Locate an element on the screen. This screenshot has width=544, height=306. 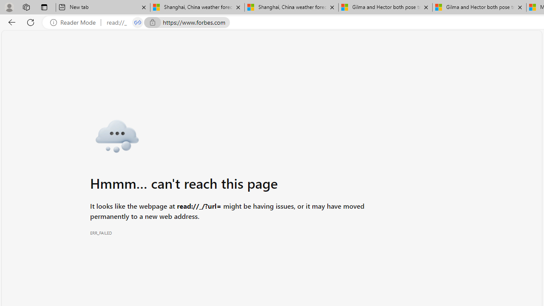
'Gilma and Hector both pose tropical trouble for Hawaii' is located at coordinates (479, 7).